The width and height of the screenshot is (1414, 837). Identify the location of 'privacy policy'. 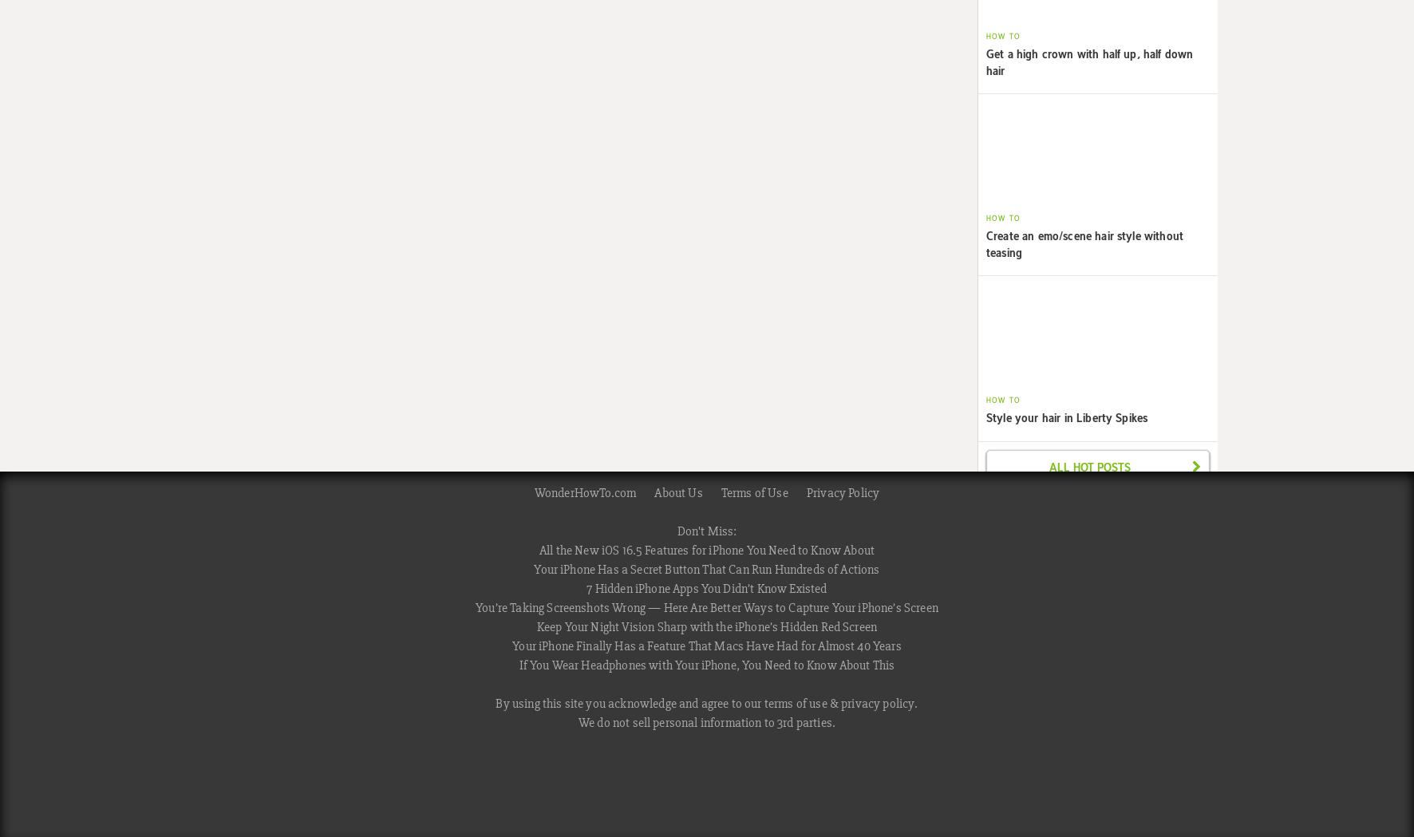
(878, 702).